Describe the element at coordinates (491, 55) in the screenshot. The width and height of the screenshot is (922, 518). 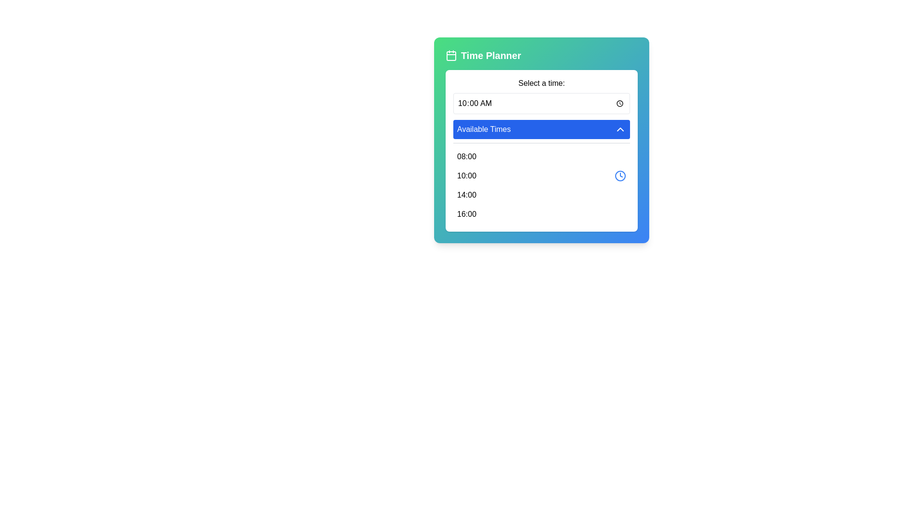
I see `the title label that indicates the current context of the application, positioned to the right of the calendar icon` at that location.